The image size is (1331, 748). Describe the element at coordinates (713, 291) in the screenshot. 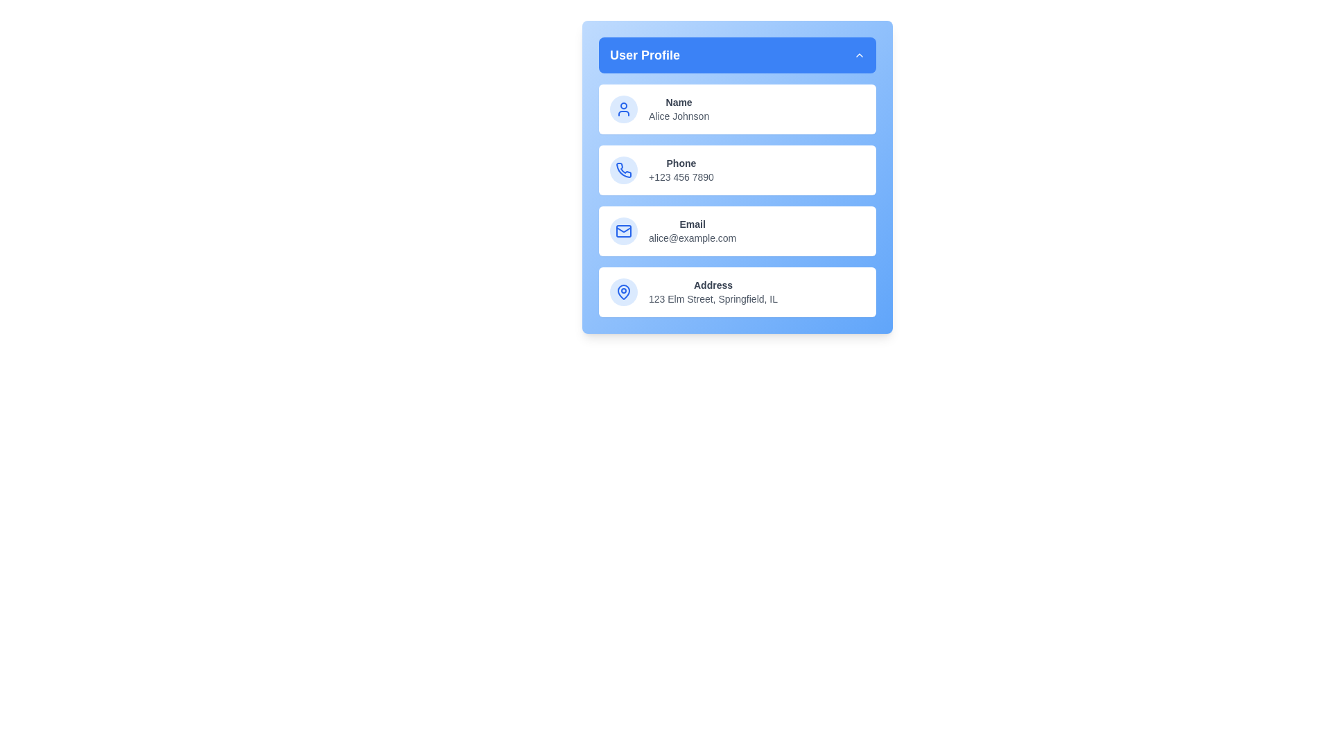

I see `the user's address details text display, which is the last entry in the vertically aligned list under the 'User Profile' card, positioned beneath the 'Email' section and to the right of a circular blue icon showing a location pin graphic` at that location.